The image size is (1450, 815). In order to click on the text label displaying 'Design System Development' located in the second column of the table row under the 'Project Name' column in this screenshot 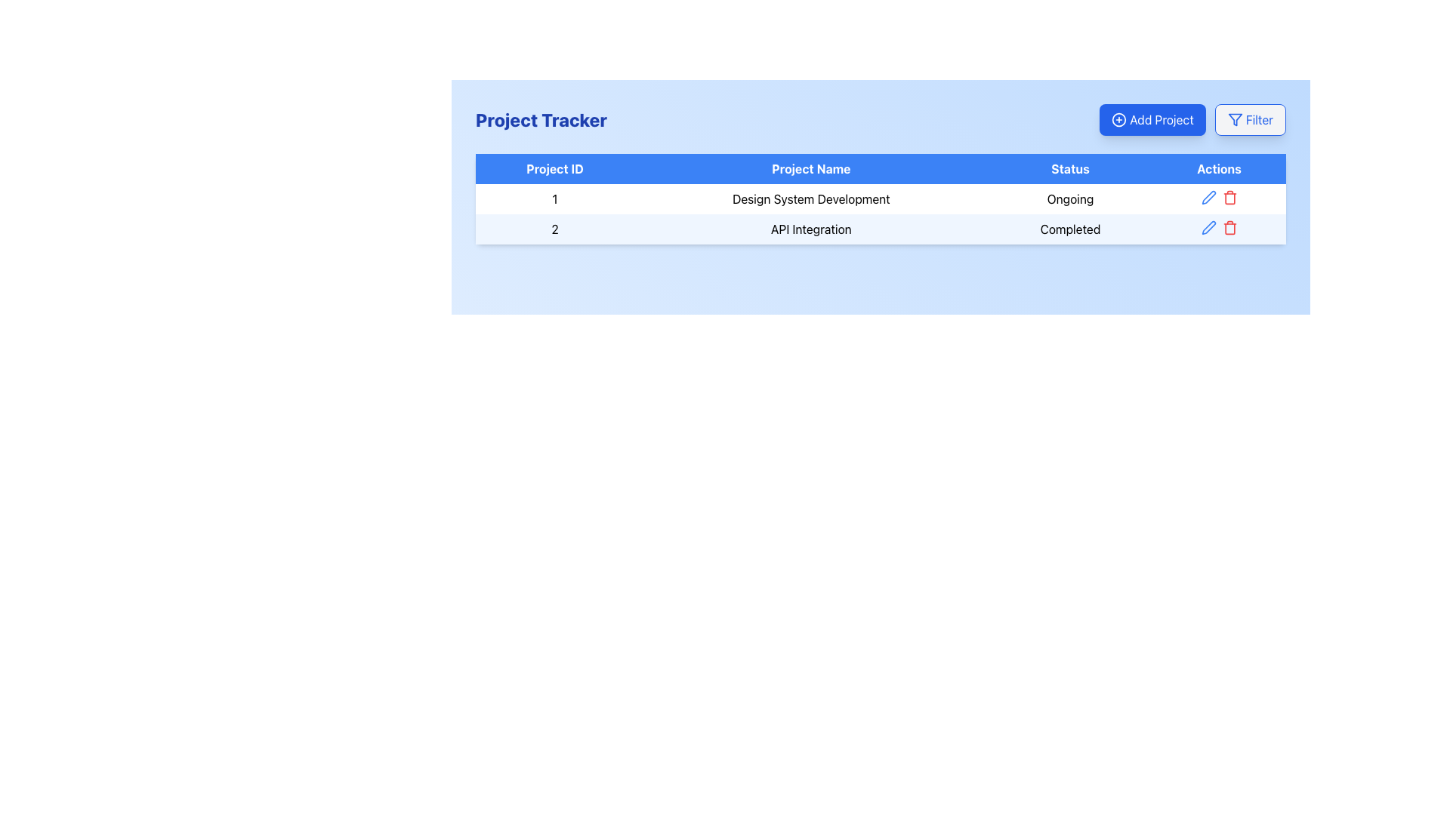, I will do `click(810, 198)`.